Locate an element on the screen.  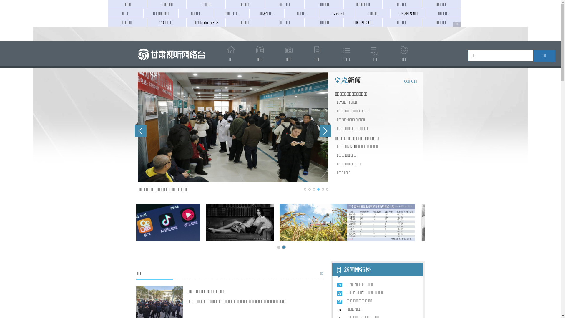
'2' is located at coordinates (309, 189).